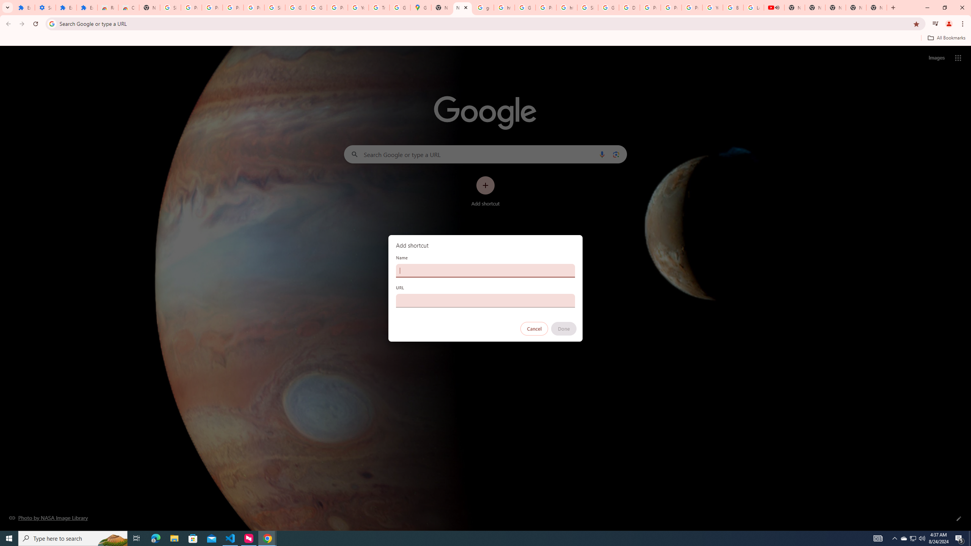 The image size is (971, 546). I want to click on 'URL', so click(485, 300).